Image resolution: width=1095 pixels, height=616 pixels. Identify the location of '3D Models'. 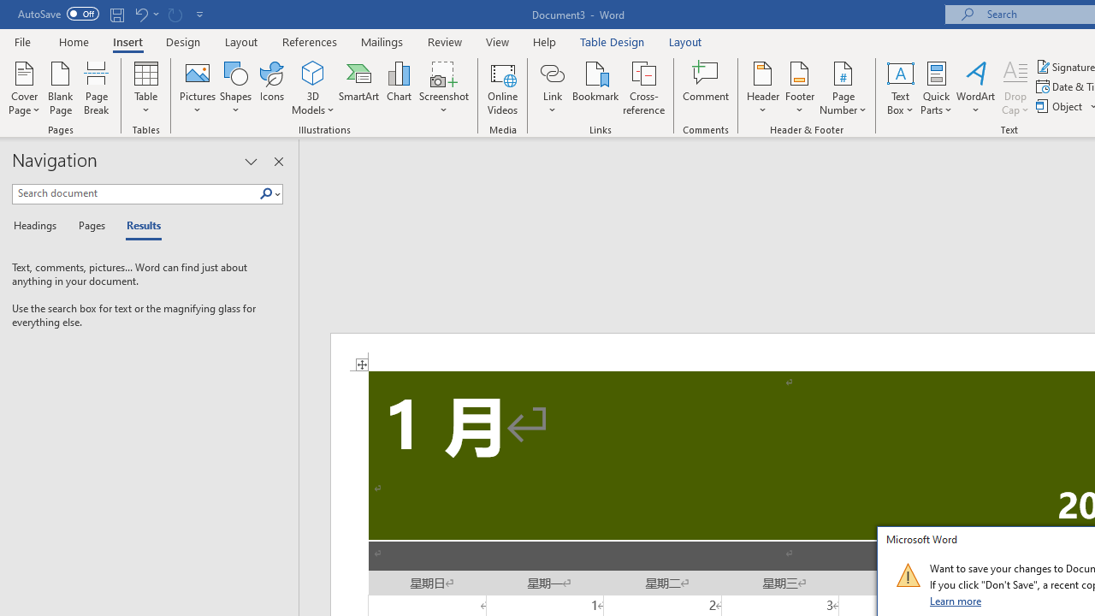
(313, 72).